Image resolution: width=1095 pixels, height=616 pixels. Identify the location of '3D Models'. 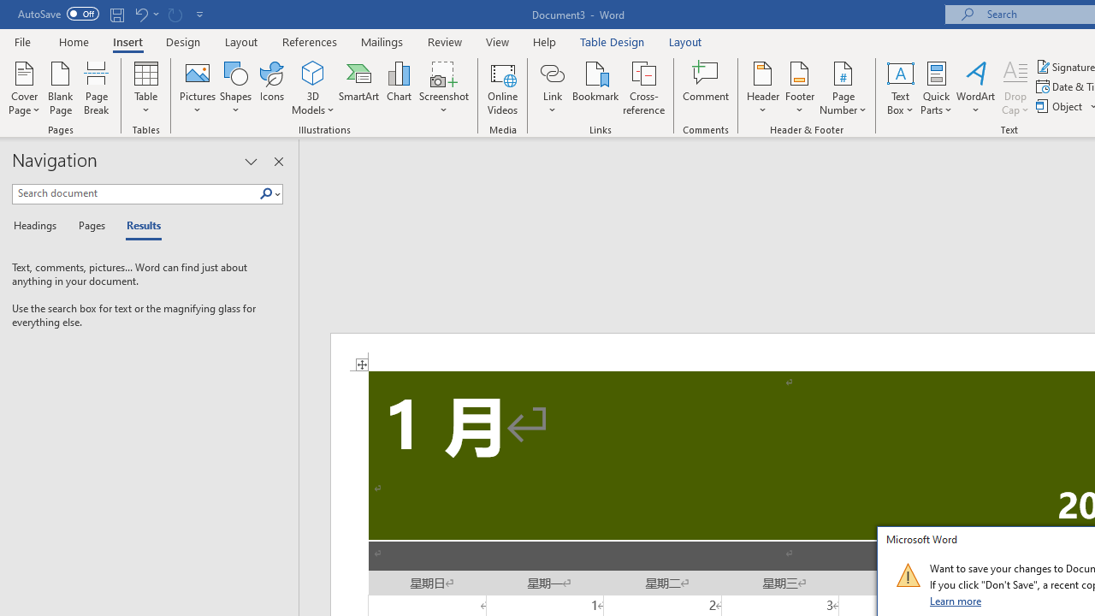
(313, 72).